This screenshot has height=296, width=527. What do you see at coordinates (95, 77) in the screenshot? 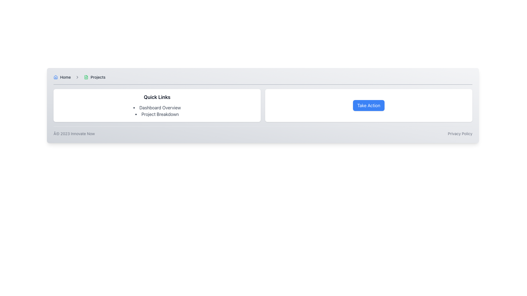
I see `the Breadcrumb navigation item labeled 'Projects' which includes a green document icon and is positioned to the right of the 'Home' text and icon` at bounding box center [95, 77].